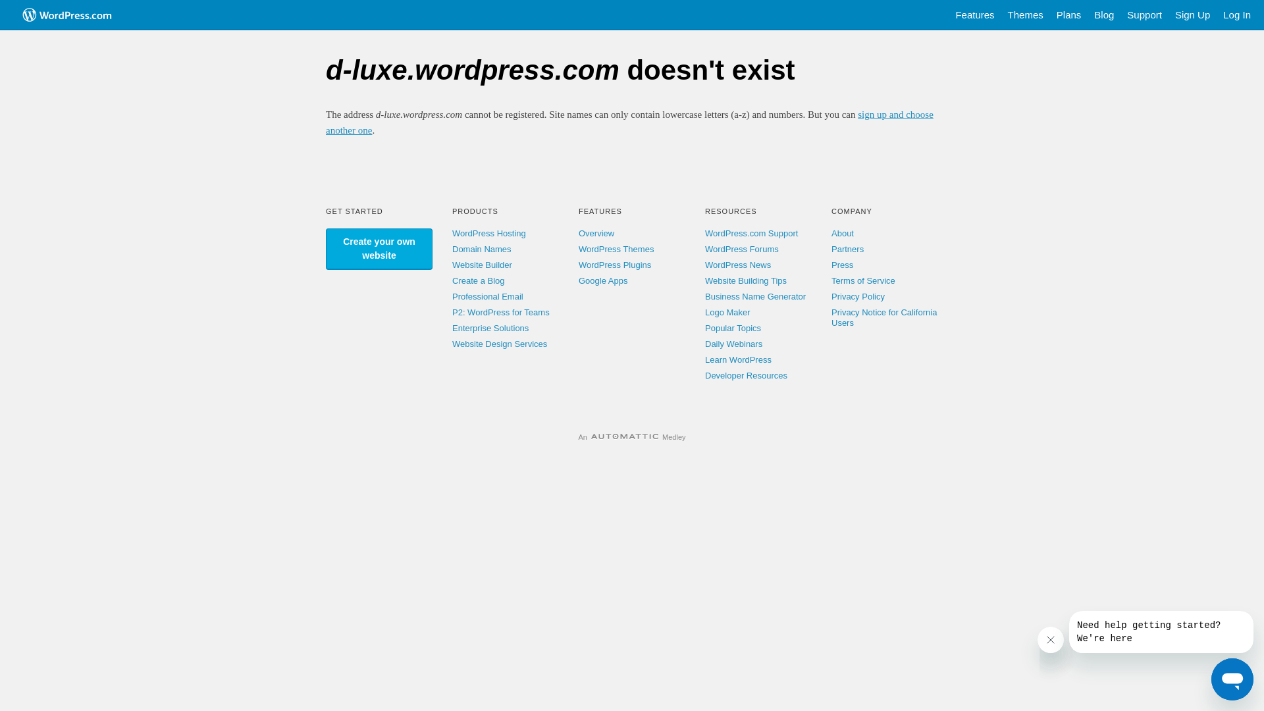  I want to click on 'Create your own website', so click(379, 249).